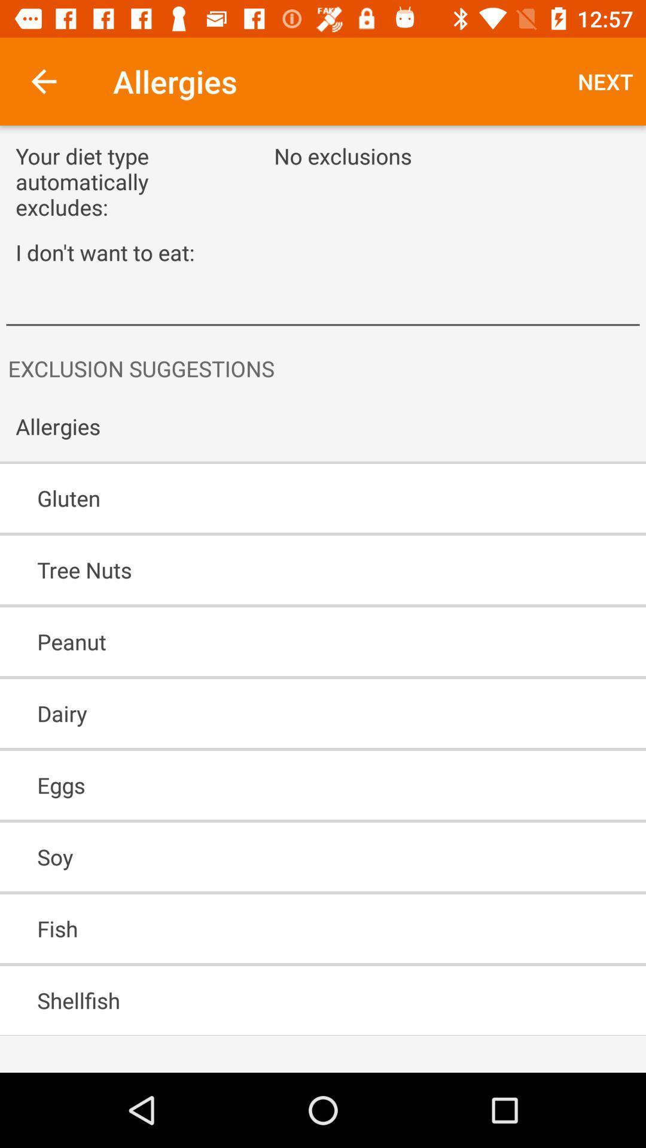  What do you see at coordinates (288, 569) in the screenshot?
I see `the icon below the     gluten` at bounding box center [288, 569].